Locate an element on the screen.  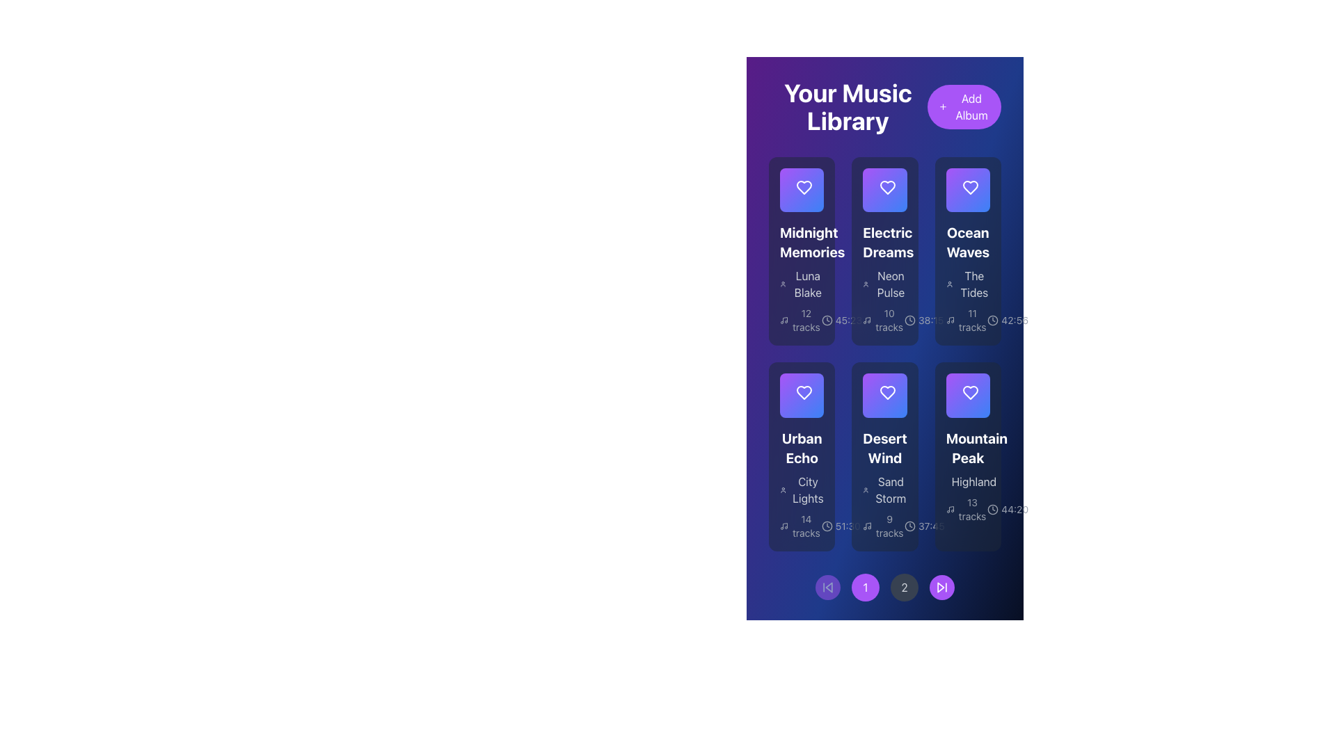
the circular graphic element embedded within the clock icon, located in the second card of the first row beneath the 'Electric Dreams' title is located at coordinates (827, 321).